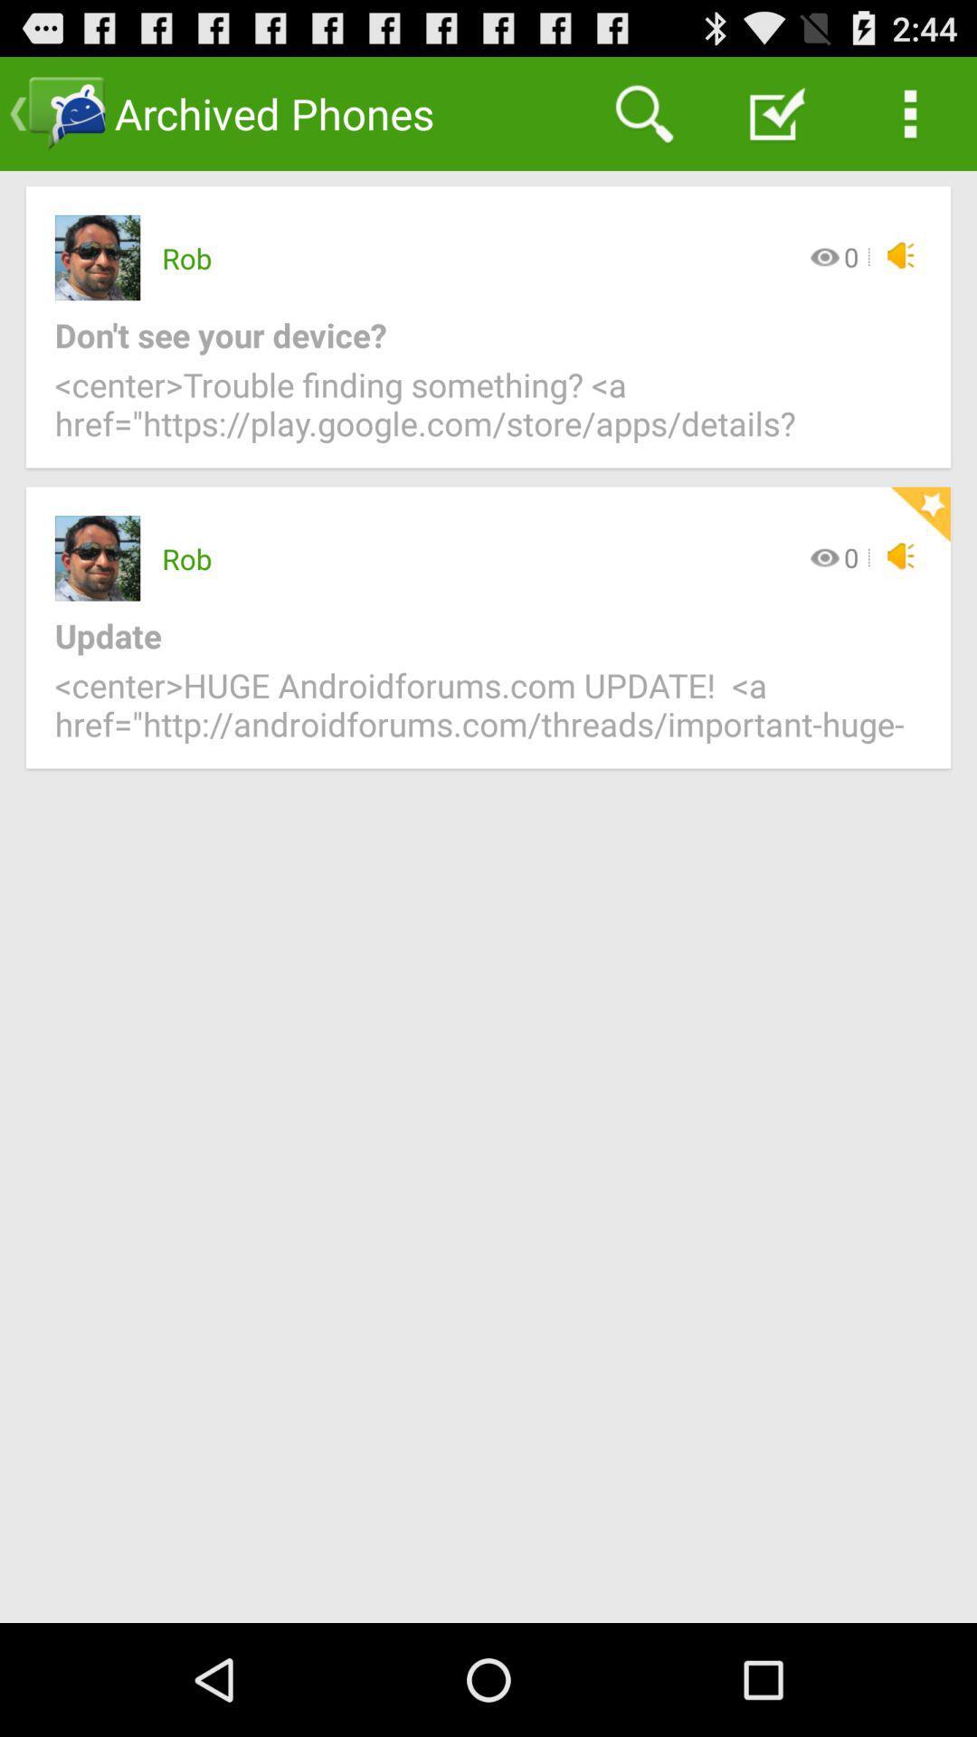  Describe the element at coordinates (473, 335) in the screenshot. I see `the icon above center trouble finding icon` at that location.